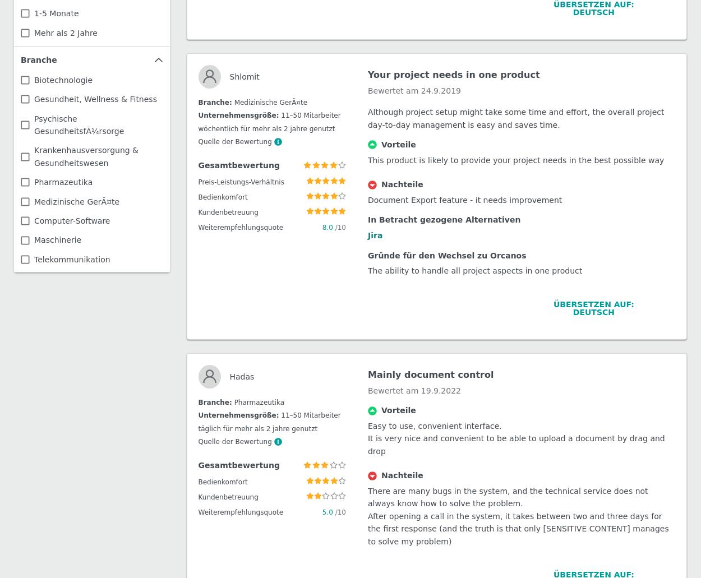  I want to click on 'Bewertet am 17.1.2019', so click(413, 447).